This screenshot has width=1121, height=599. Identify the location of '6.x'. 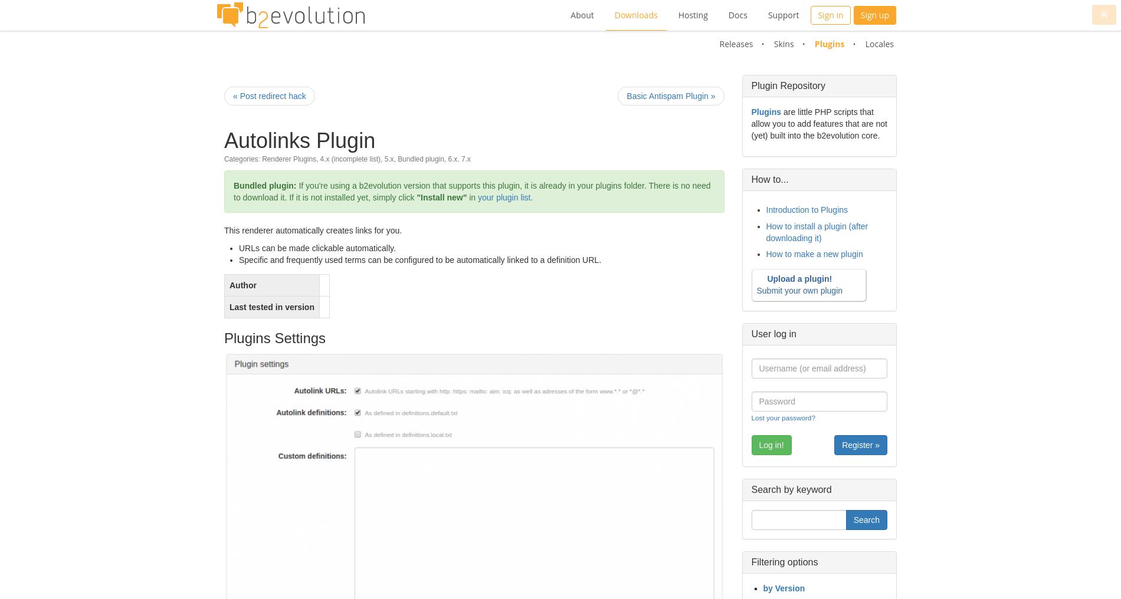
(447, 158).